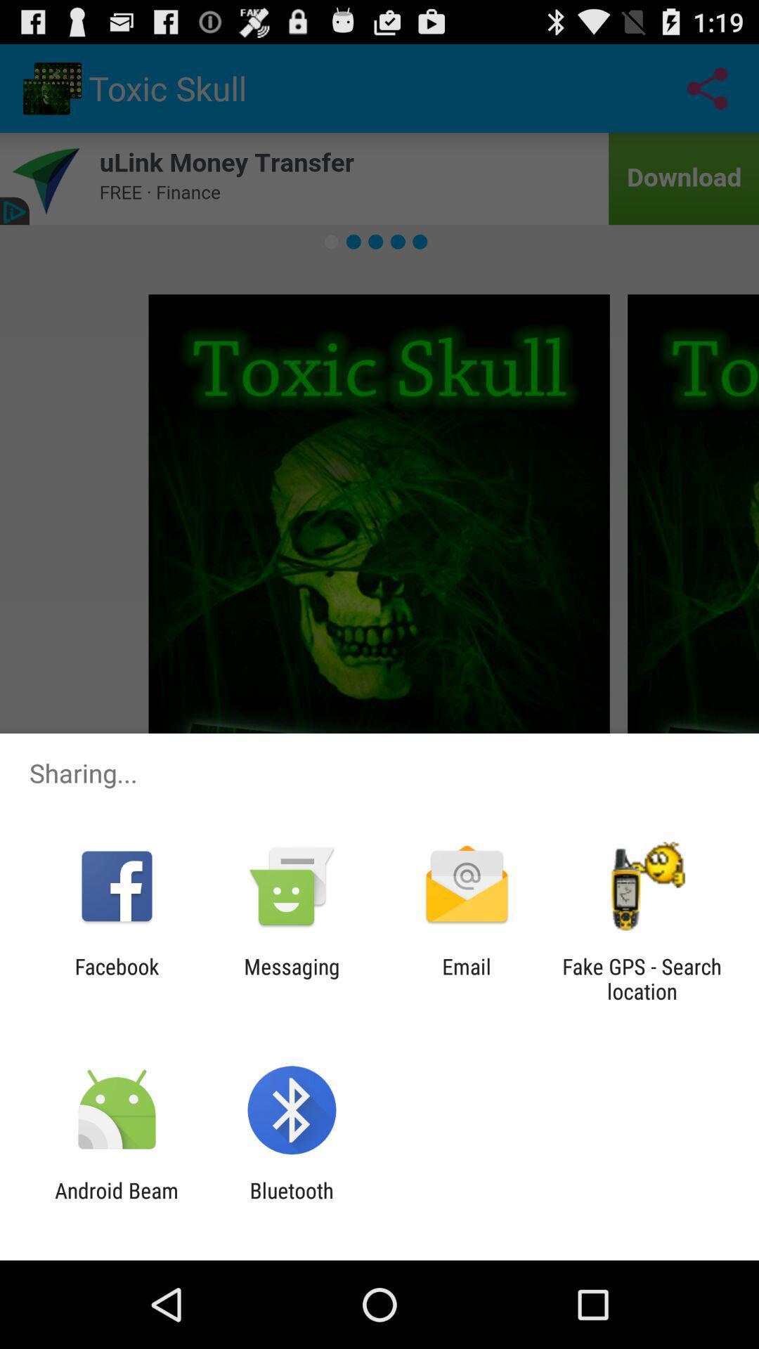  I want to click on facebook item, so click(116, 978).